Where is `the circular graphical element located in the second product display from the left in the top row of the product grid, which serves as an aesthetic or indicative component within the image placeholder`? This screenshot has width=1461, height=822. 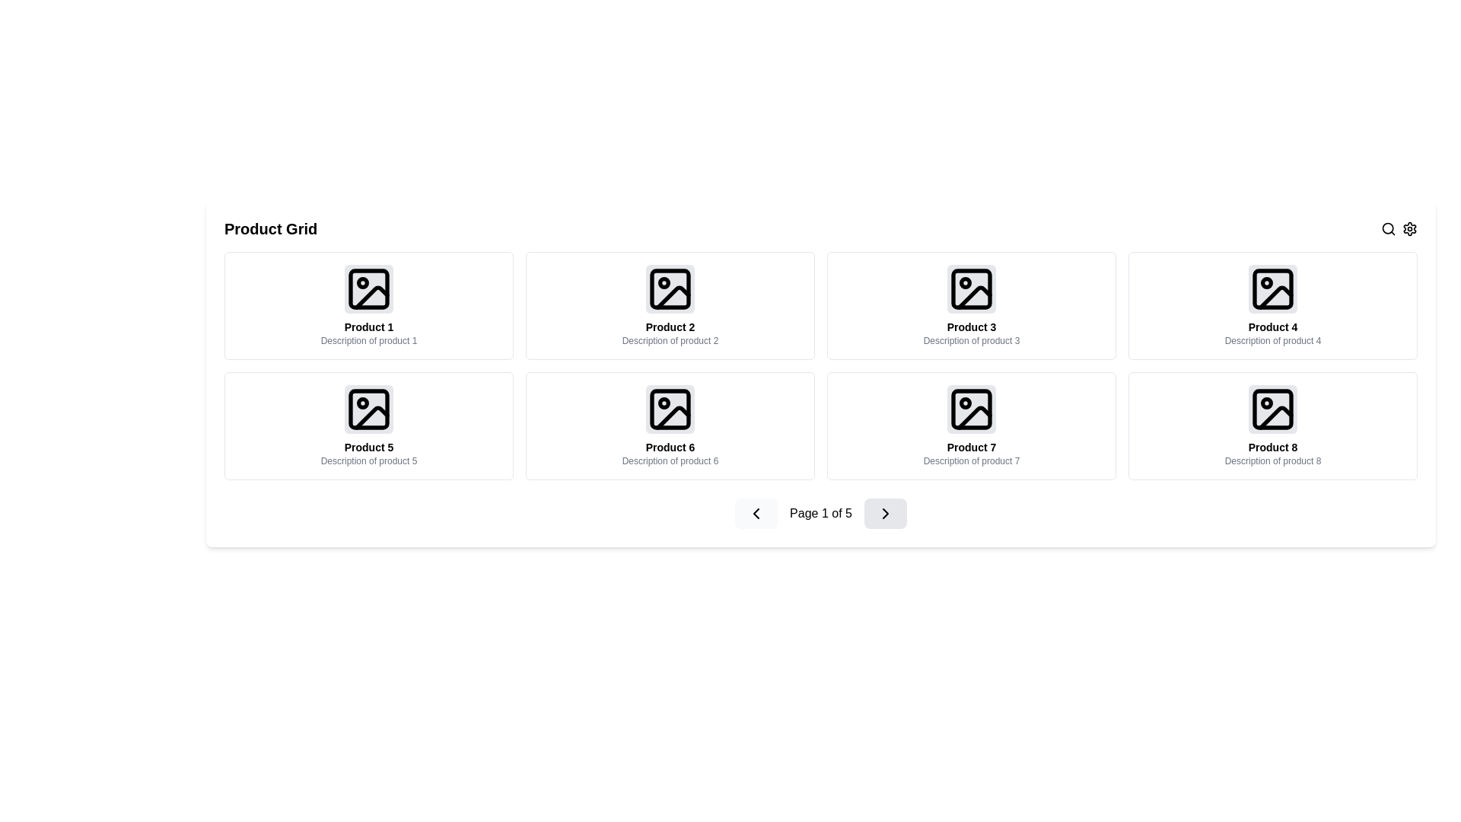 the circular graphical element located in the second product display from the left in the top row of the product grid, which serves as an aesthetic or indicative component within the image placeholder is located at coordinates (664, 282).